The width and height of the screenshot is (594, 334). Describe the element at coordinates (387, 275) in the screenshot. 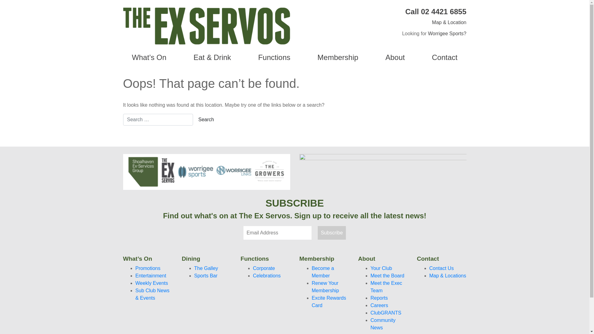

I see `'Meet the Board'` at that location.